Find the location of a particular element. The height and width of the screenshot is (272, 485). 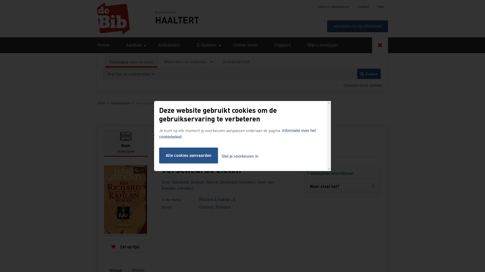

'Zoekresultaten' is located at coordinates (120, 103).